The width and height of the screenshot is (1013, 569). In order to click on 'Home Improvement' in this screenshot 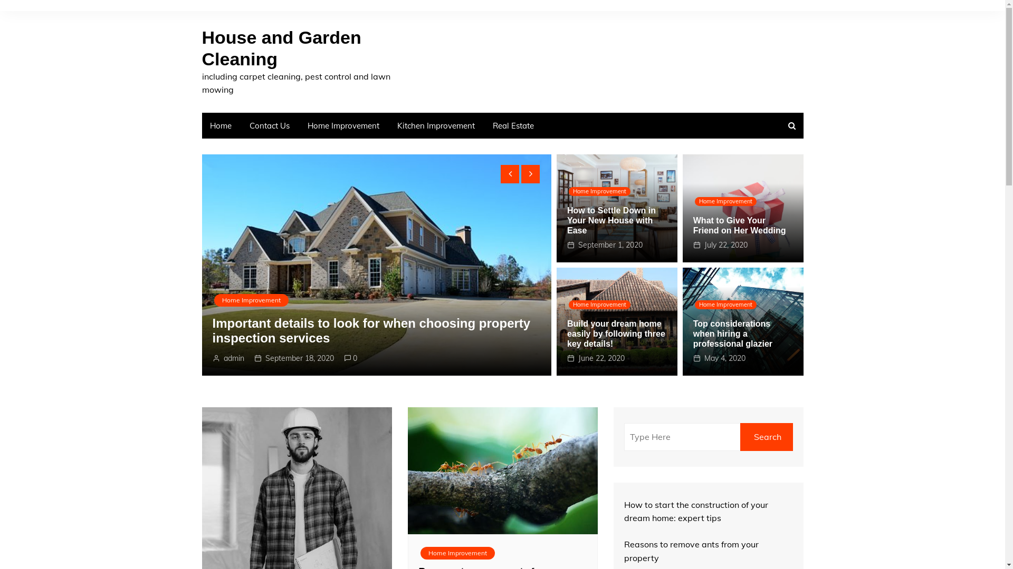, I will do `click(299, 125)`.